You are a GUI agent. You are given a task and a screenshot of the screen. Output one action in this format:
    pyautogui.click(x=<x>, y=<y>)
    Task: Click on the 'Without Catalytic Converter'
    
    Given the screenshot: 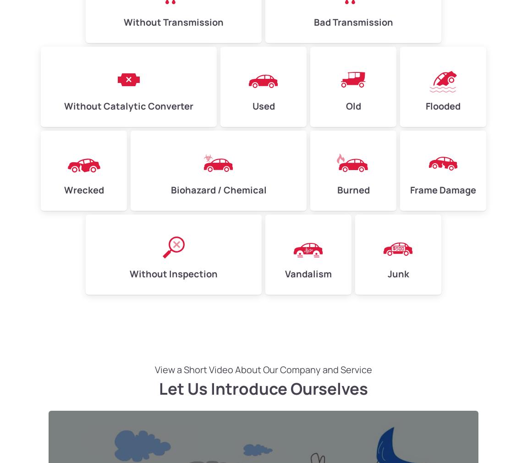 What is the action you would take?
    pyautogui.click(x=128, y=105)
    